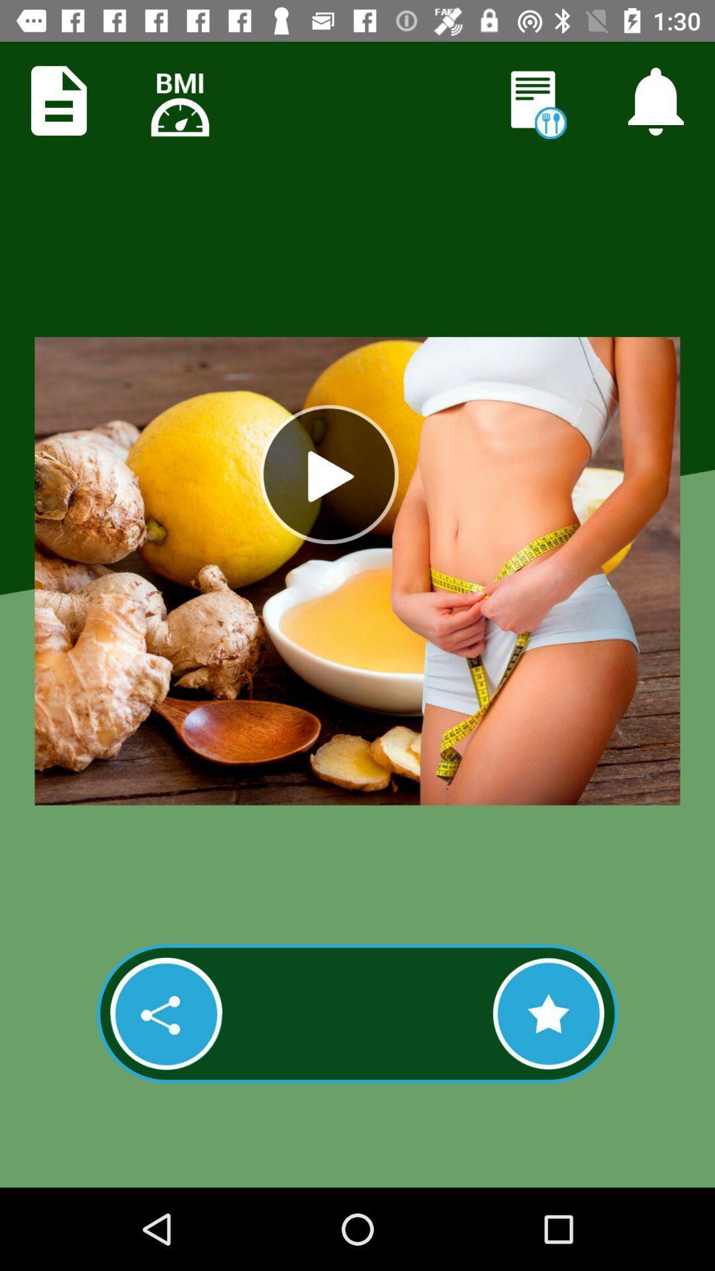 This screenshot has width=715, height=1271. What do you see at coordinates (58, 100) in the screenshot?
I see `page` at bounding box center [58, 100].